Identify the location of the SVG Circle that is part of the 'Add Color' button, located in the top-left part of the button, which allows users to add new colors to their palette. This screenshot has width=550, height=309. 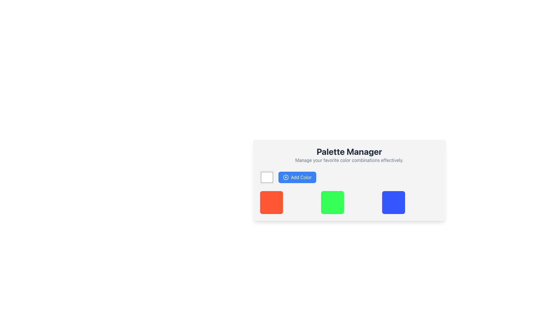
(286, 177).